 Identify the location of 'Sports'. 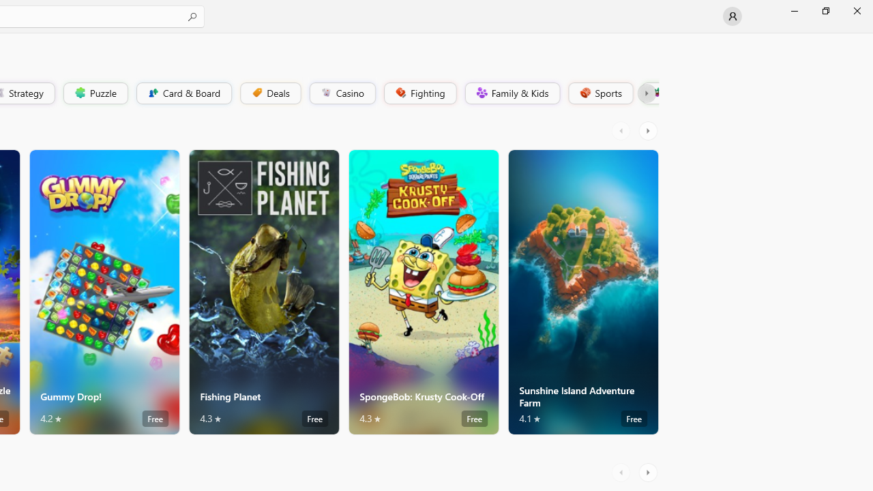
(600, 92).